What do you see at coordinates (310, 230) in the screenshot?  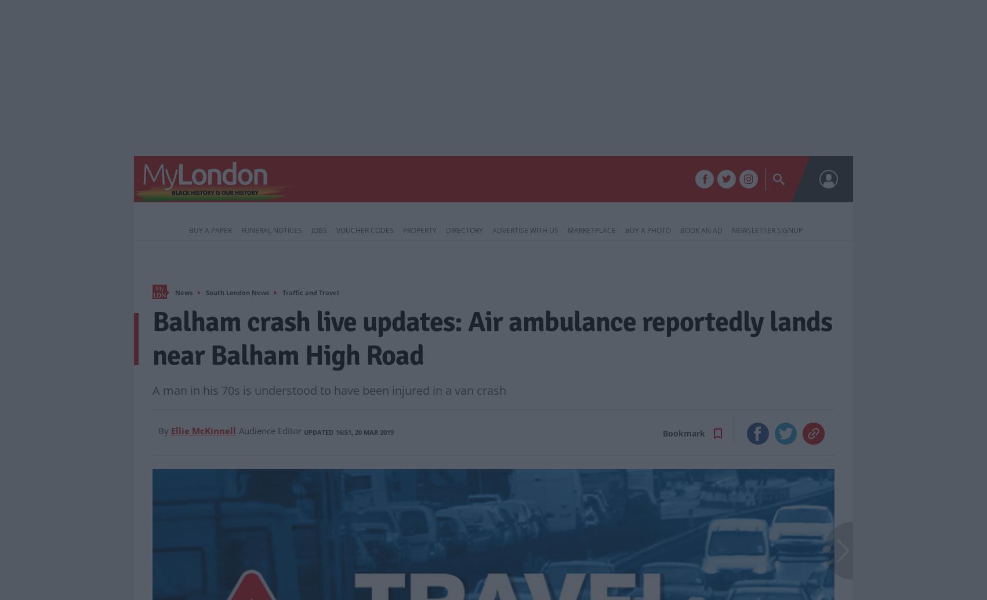 I see `'Jobs'` at bounding box center [310, 230].